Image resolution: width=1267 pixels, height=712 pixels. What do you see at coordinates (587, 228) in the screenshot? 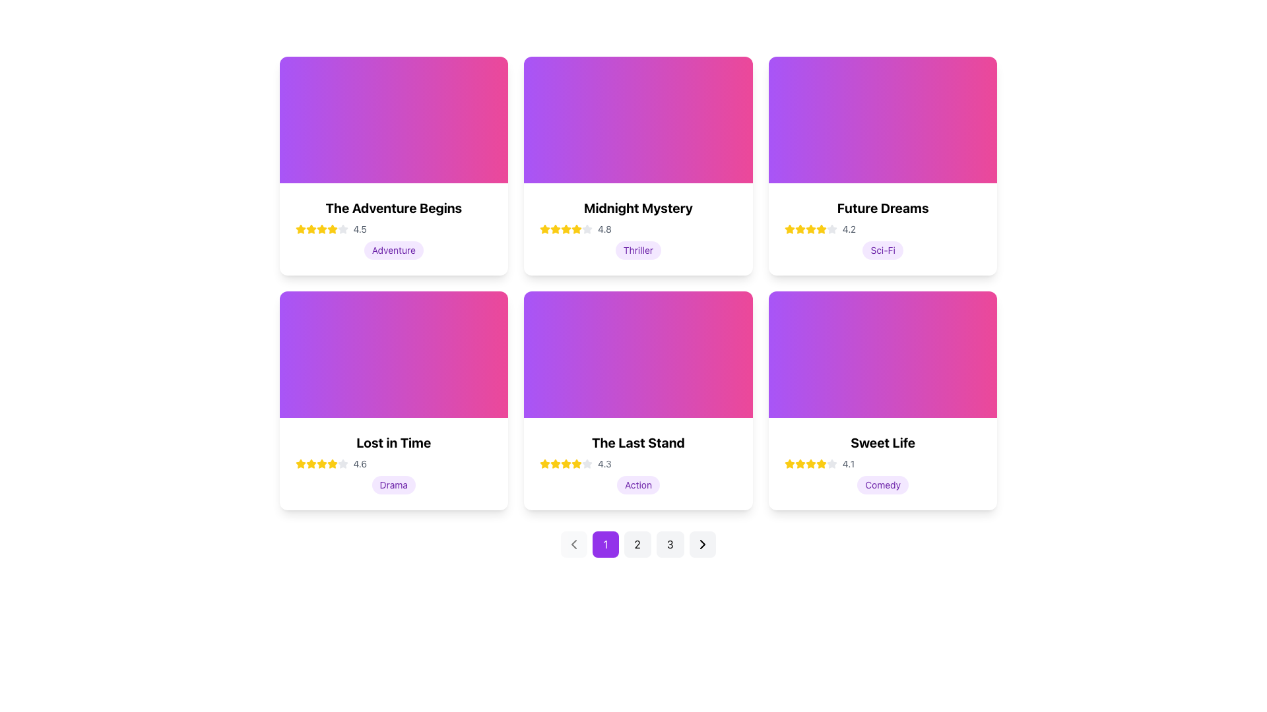
I see `the empty star icon in the rating system under the title 'Midnight Mystery' to alter the rating` at bounding box center [587, 228].